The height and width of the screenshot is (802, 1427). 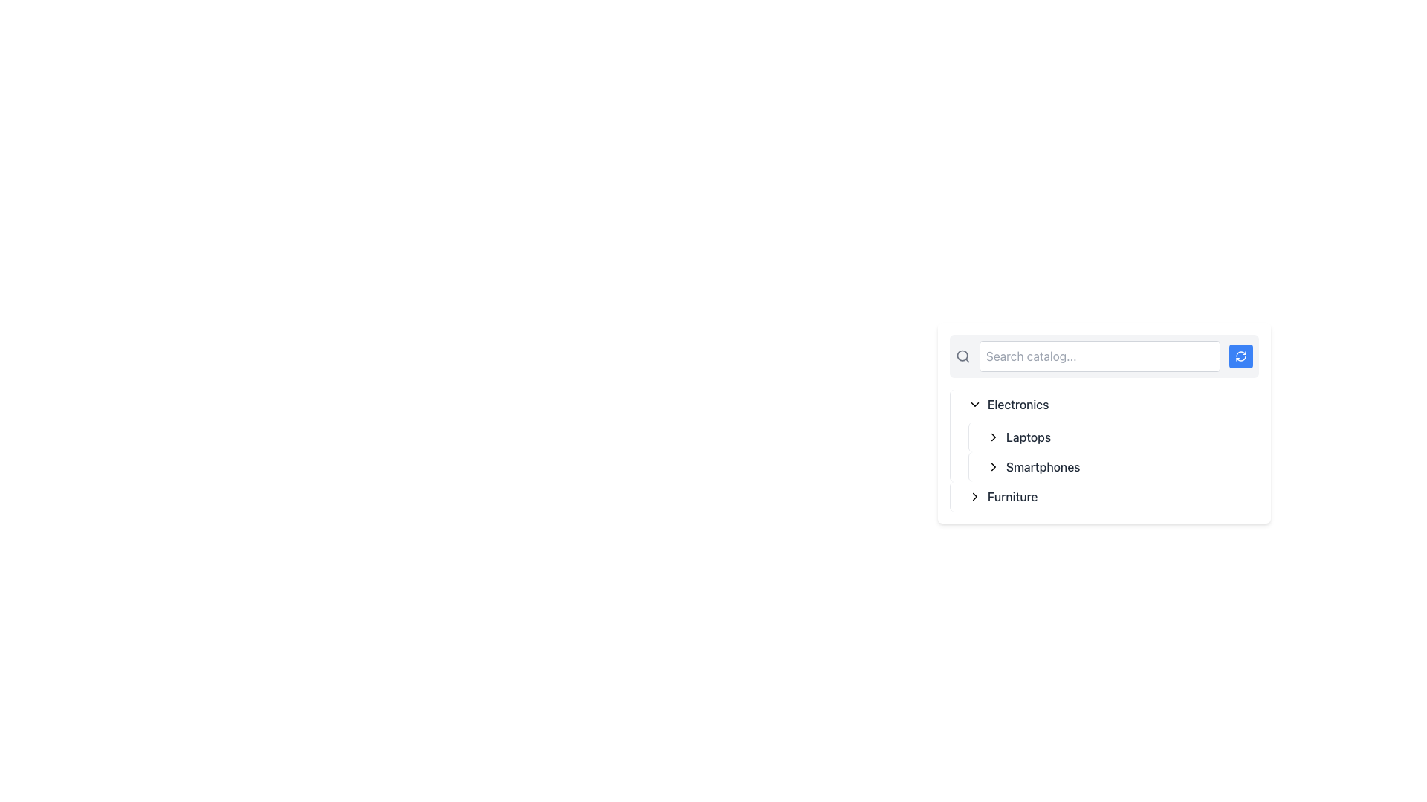 I want to click on the magnifying glass icon's lens portion located in the upper-left of the search bar, which indicates the search functionality of the interface, so click(x=962, y=356).